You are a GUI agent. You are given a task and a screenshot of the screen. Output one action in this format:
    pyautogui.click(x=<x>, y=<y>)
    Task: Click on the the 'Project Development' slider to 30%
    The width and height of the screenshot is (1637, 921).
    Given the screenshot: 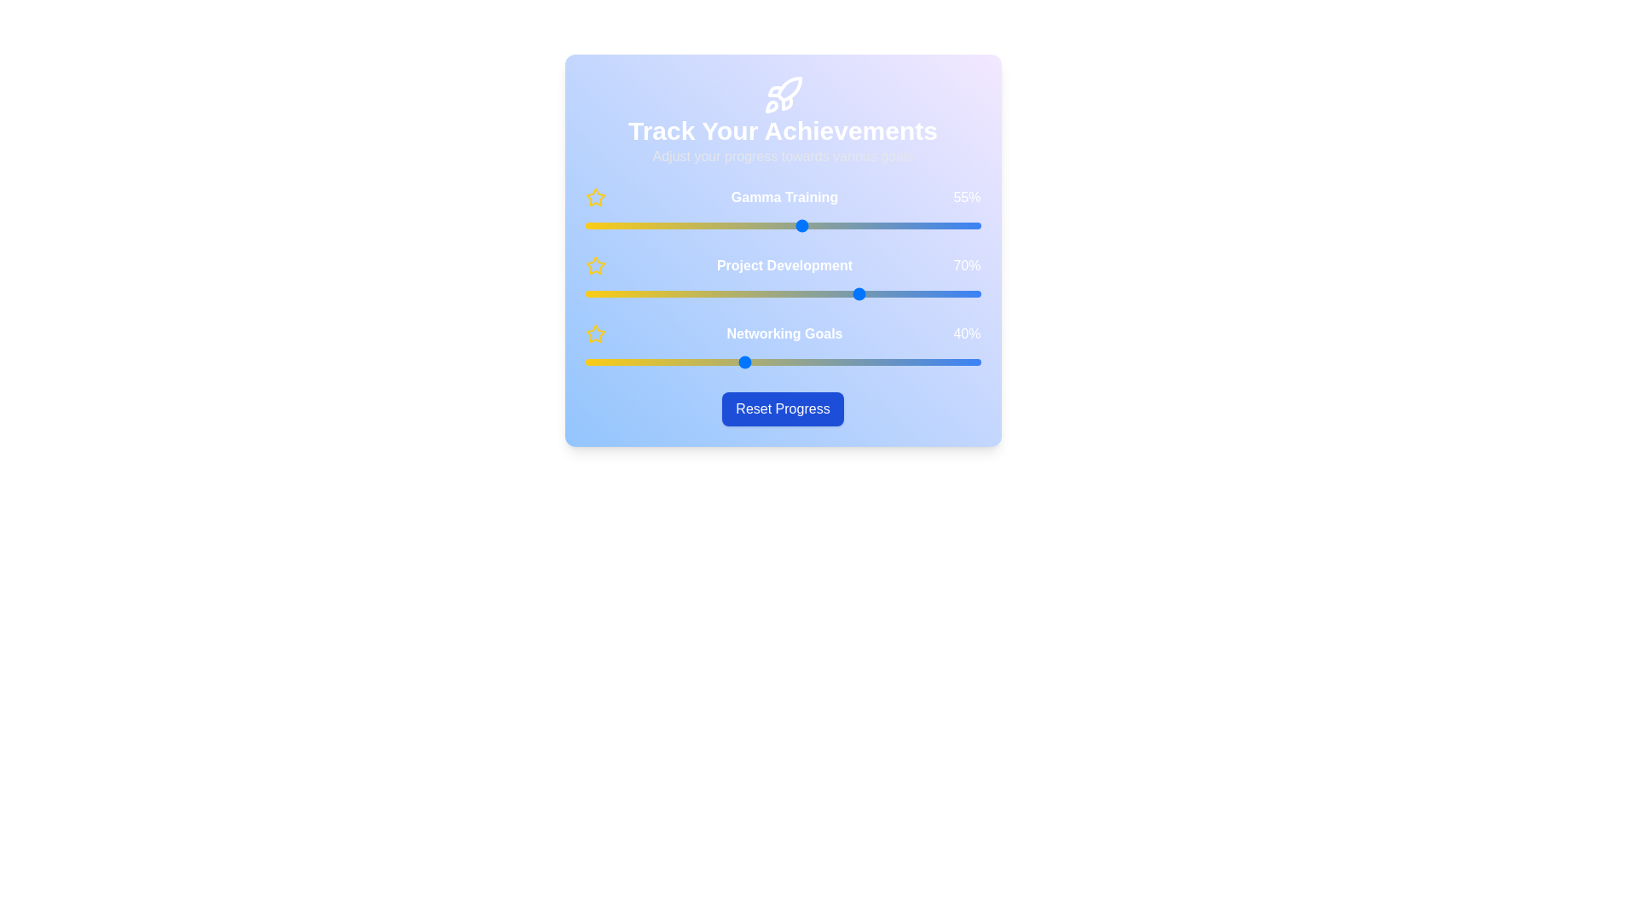 What is the action you would take?
    pyautogui.click(x=703, y=293)
    